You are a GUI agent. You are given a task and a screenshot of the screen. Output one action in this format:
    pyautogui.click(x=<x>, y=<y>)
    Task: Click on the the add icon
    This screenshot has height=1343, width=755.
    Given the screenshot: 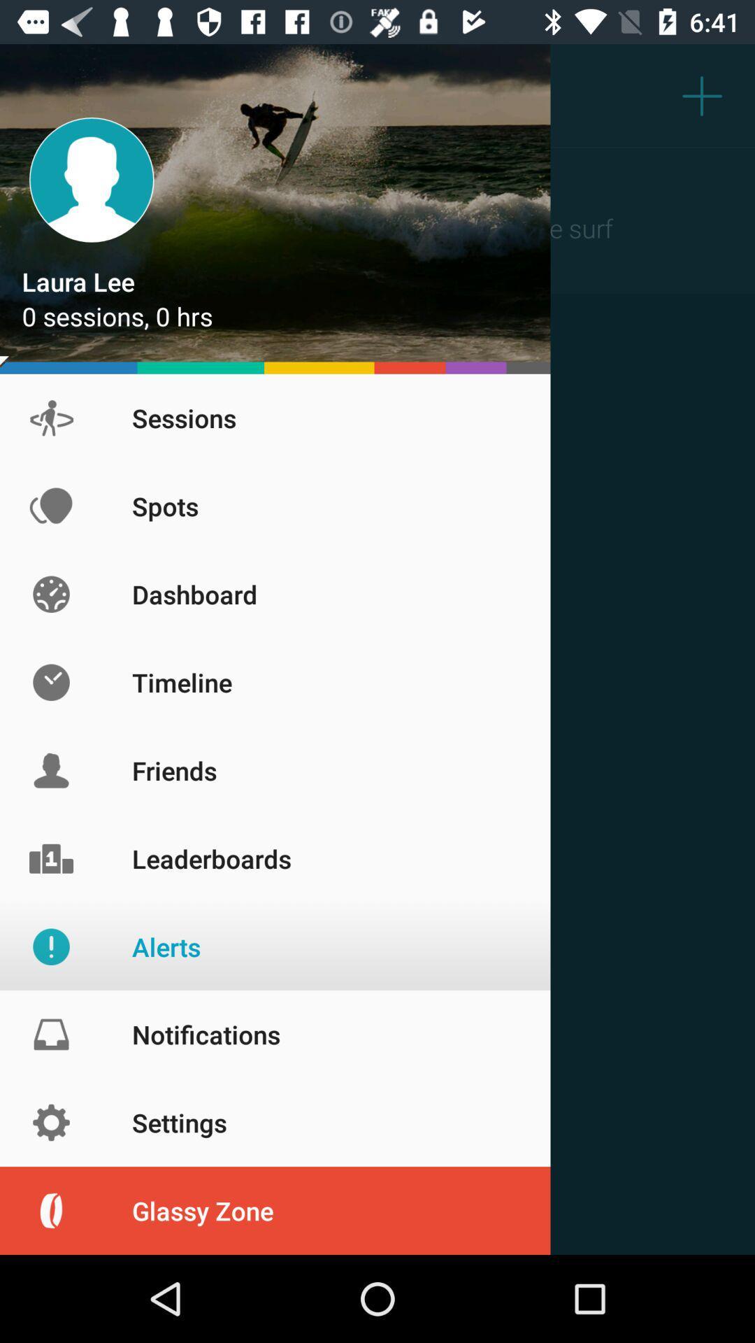 What is the action you would take?
    pyautogui.click(x=702, y=94)
    